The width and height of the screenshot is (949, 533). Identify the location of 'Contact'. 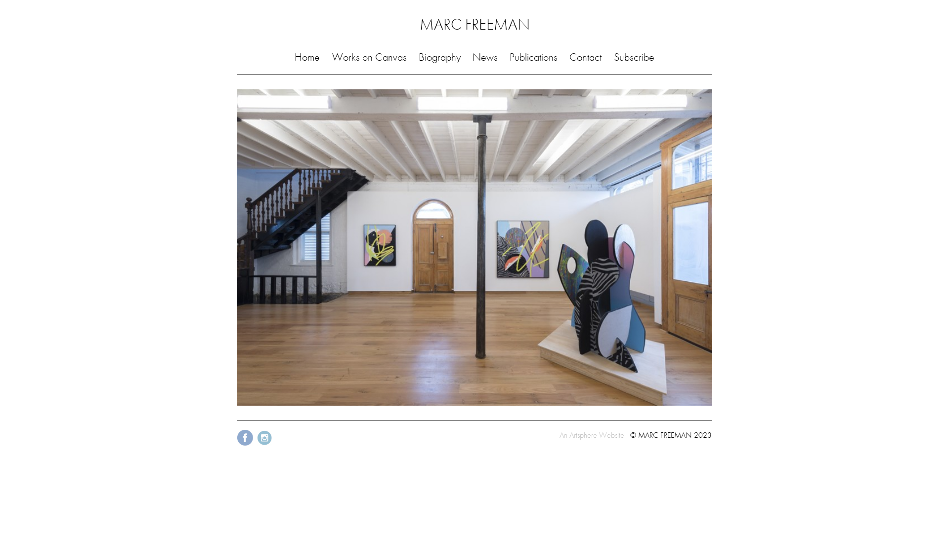
(585, 57).